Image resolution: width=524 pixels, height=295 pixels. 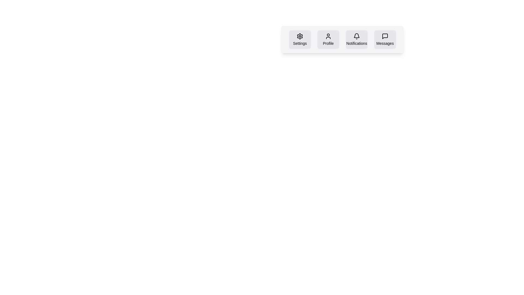 I want to click on the settings button located in the top-right area of the interface, so click(x=300, y=39).